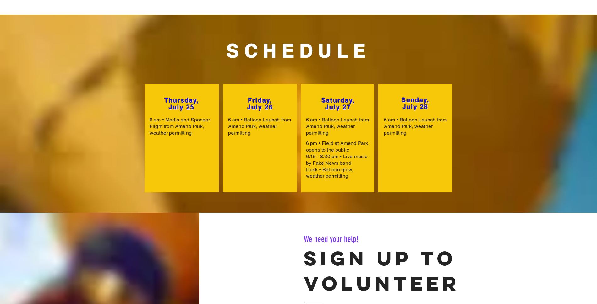 Image resolution: width=597 pixels, height=304 pixels. What do you see at coordinates (337, 146) in the screenshot?
I see `'6 pm • Field at Amend Park opens to the public'` at bounding box center [337, 146].